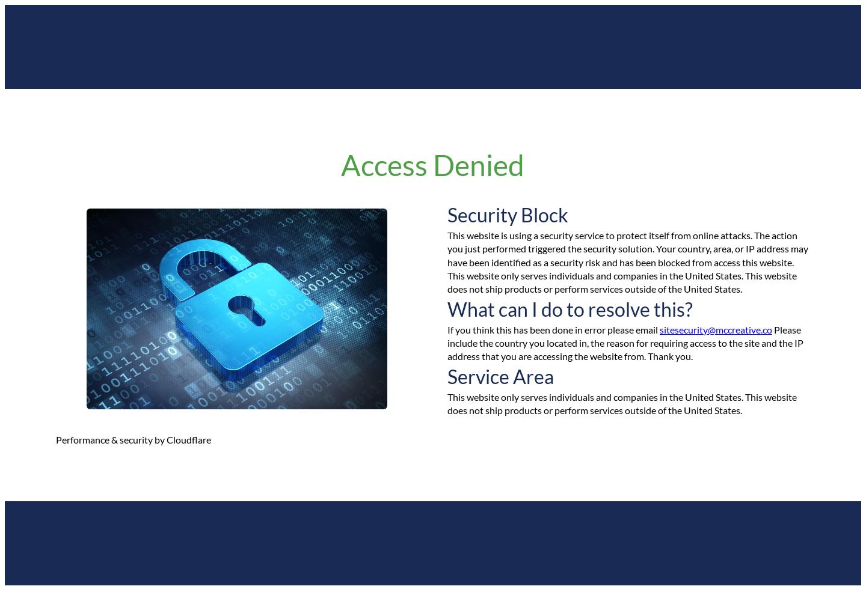 This screenshot has width=866, height=601. Describe the element at coordinates (628, 261) in the screenshot. I see `'This website is using a security service to protect itself from online attacks. The action you just performed triggered the security solution. Your country, area, or IP address may have been identified as a security risk and has been blocked from access this website.  This website only serves individuals and companies in the United States.  This website does not ship products or perform services outside of the United States.'` at that location.